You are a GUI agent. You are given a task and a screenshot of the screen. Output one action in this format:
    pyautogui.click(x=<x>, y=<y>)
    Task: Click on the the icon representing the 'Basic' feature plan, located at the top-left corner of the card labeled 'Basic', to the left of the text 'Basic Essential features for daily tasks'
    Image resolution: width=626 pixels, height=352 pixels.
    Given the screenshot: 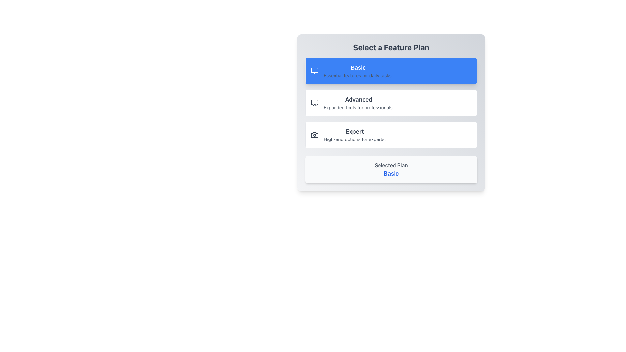 What is the action you would take?
    pyautogui.click(x=314, y=71)
    